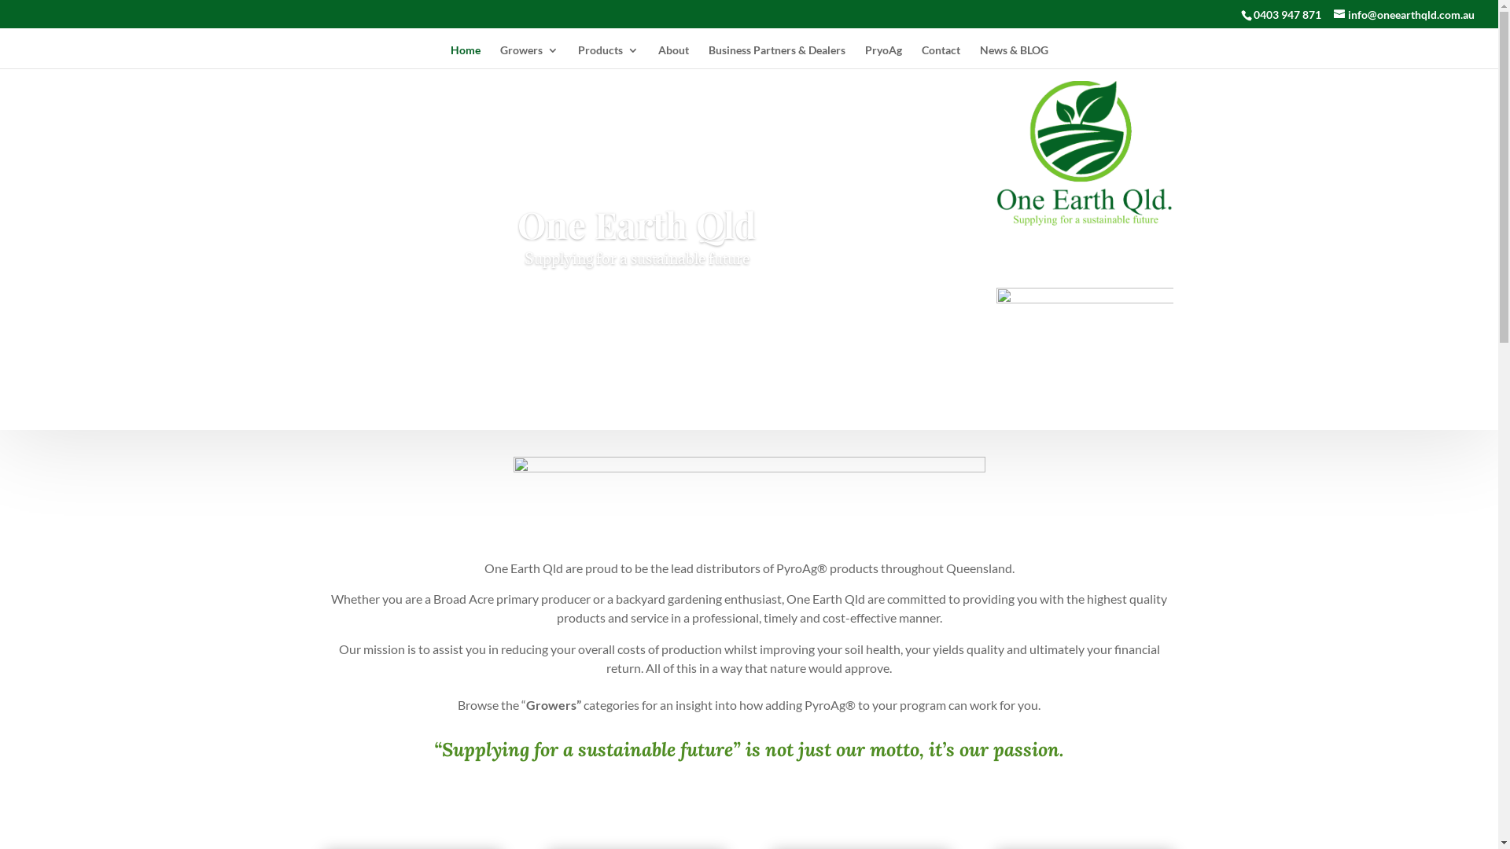 The image size is (1510, 849). What do you see at coordinates (941, 56) in the screenshot?
I see `'Contact'` at bounding box center [941, 56].